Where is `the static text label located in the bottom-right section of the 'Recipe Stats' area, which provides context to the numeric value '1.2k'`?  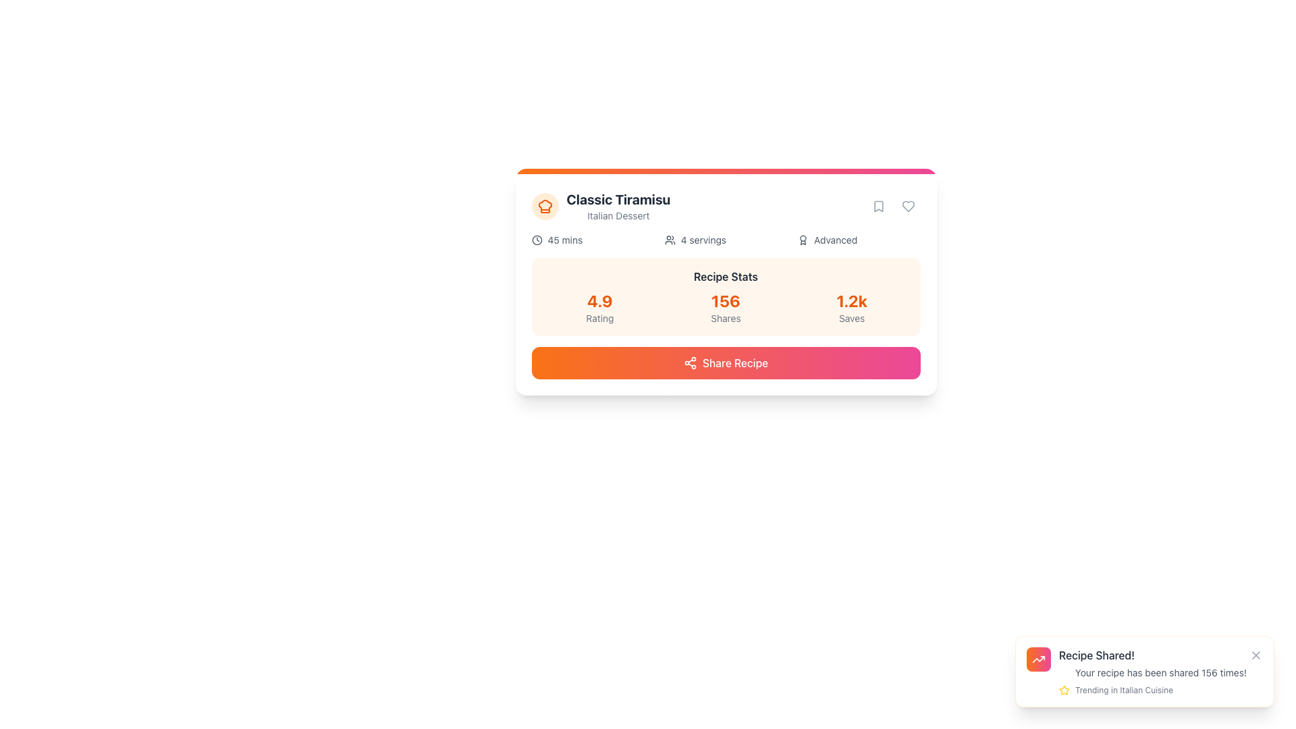 the static text label located in the bottom-right section of the 'Recipe Stats' area, which provides context to the numeric value '1.2k' is located at coordinates (851, 318).